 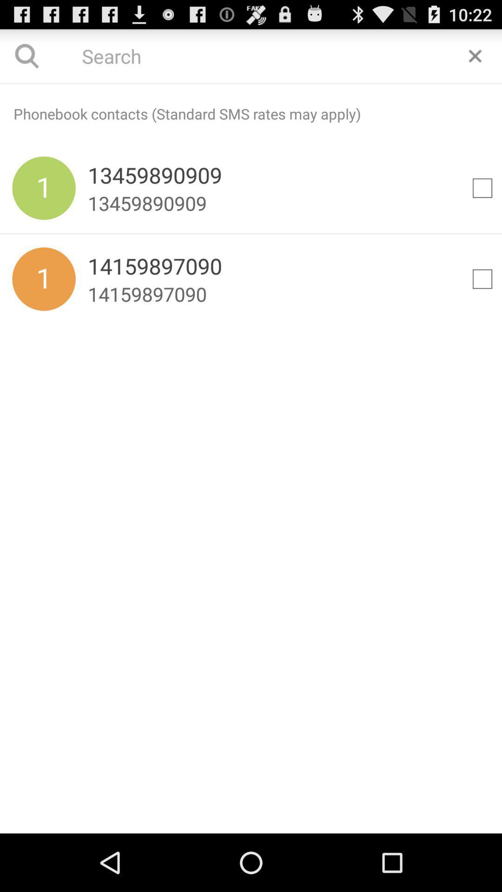 I want to click on write search terms, so click(x=251, y=84).